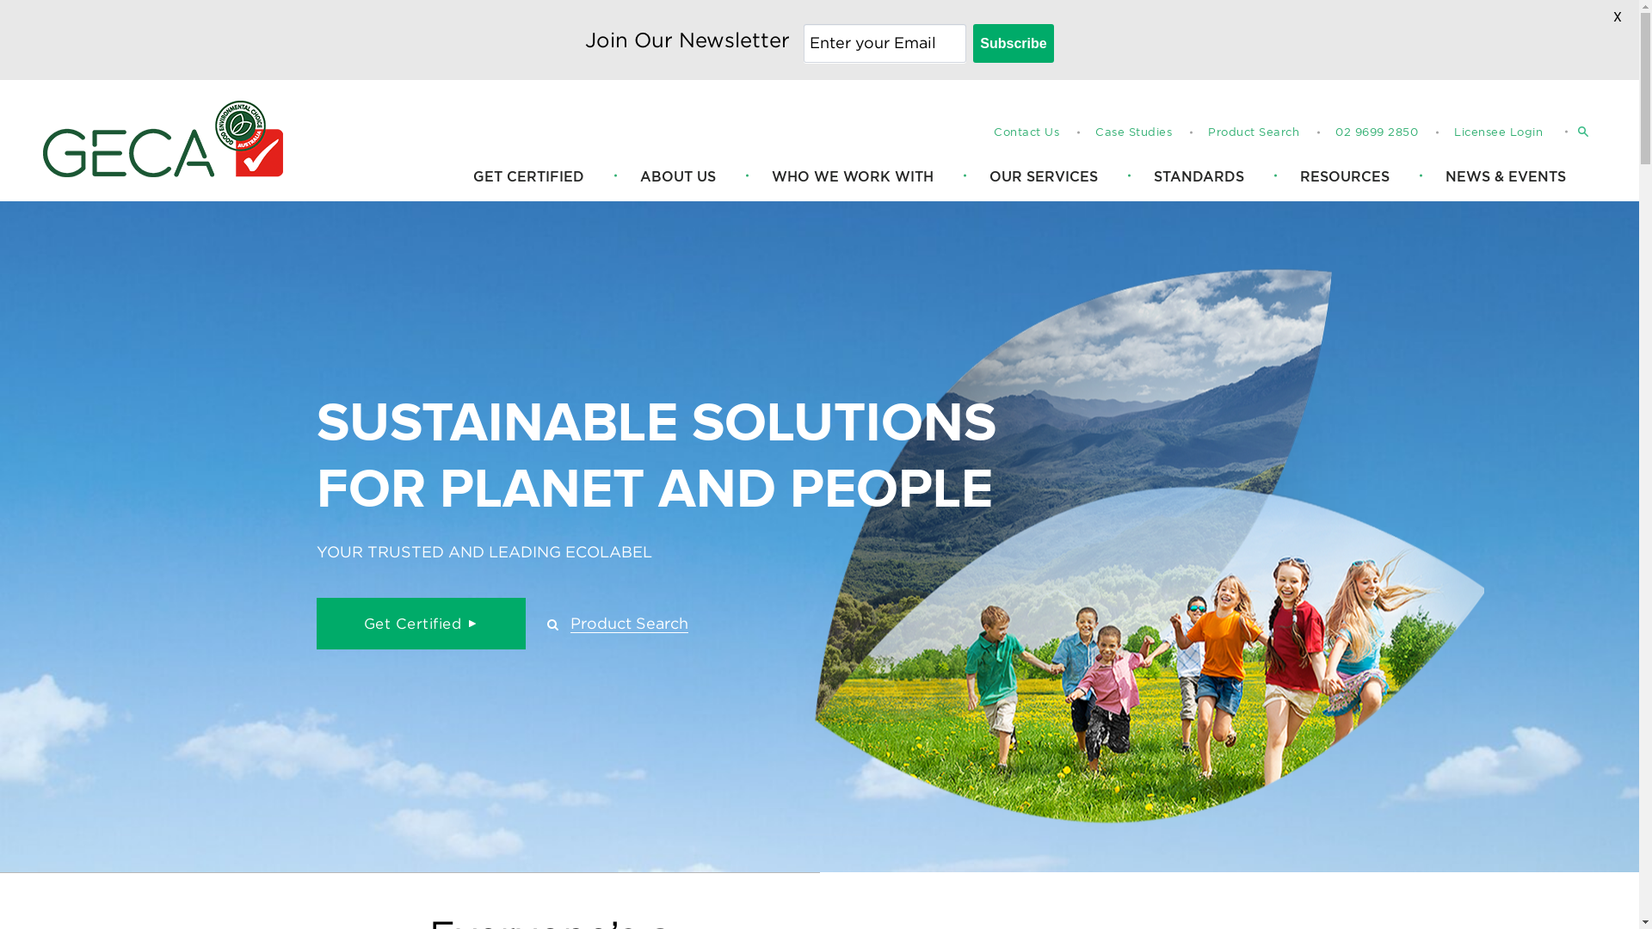  What do you see at coordinates (1375, 131) in the screenshot?
I see `'02 9699 2850'` at bounding box center [1375, 131].